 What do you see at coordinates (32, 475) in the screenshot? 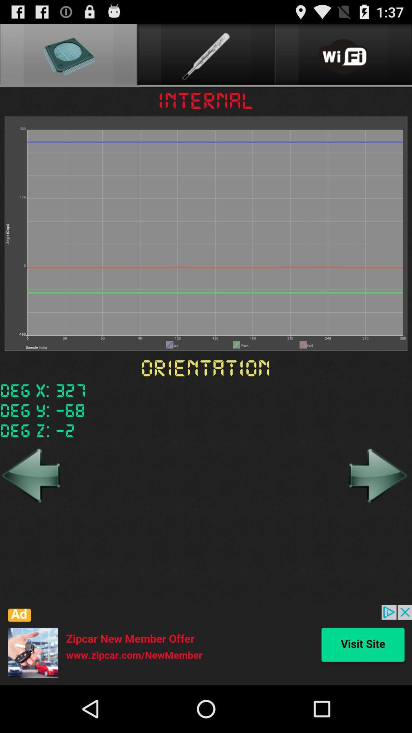
I see `left arrow option` at bounding box center [32, 475].